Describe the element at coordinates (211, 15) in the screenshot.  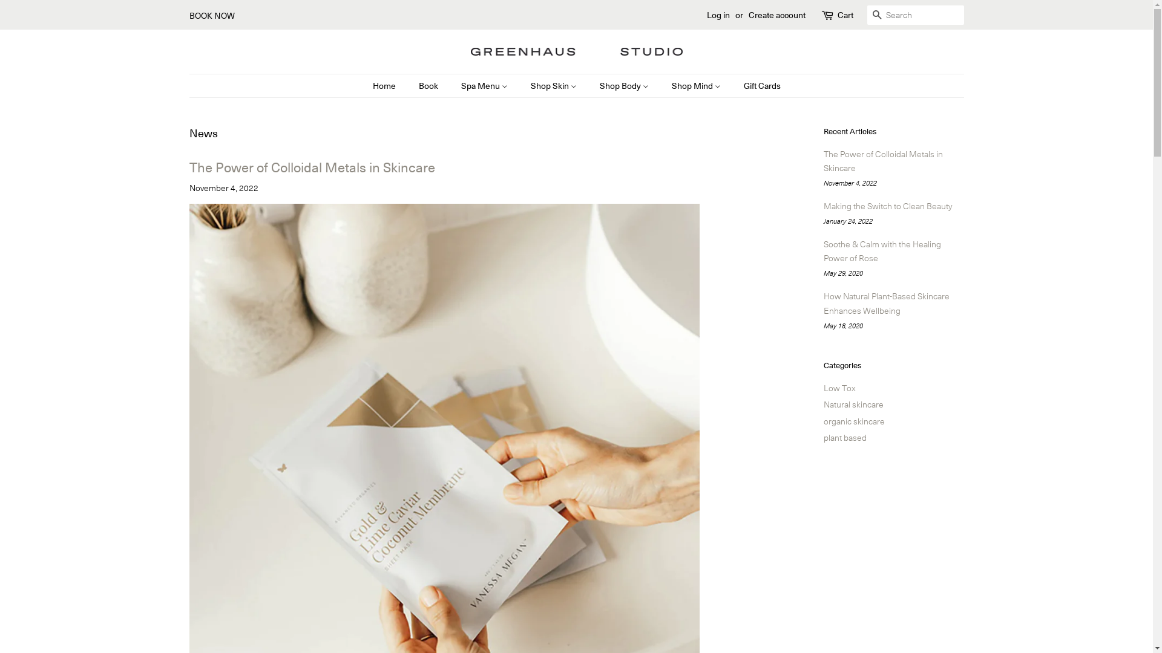
I see `'BOOK NOW'` at that location.